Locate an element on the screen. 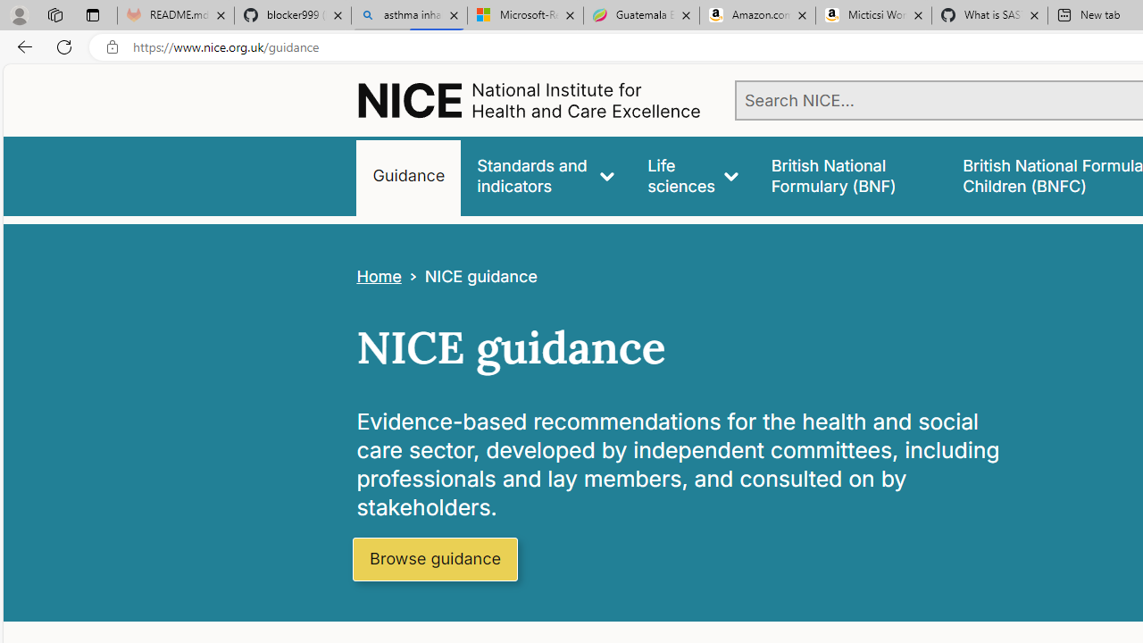  'View site information' is located at coordinates (112, 46).